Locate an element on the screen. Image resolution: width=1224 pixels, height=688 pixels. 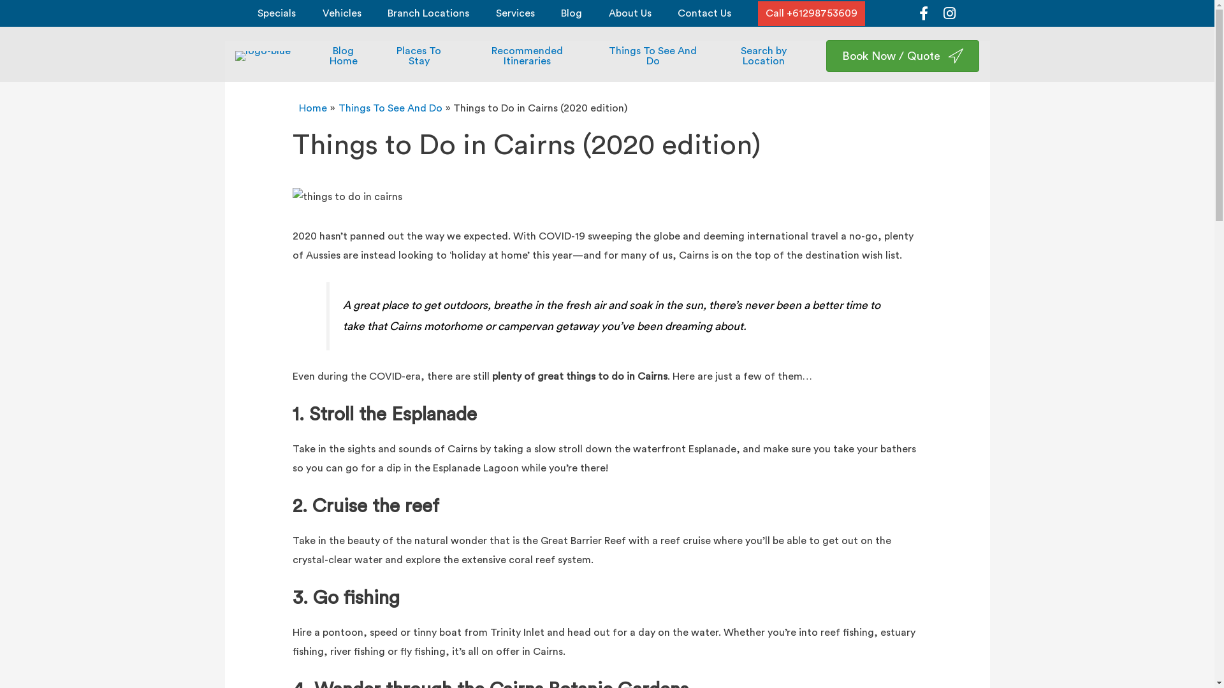
'Things To See And Do' is located at coordinates (390, 107).